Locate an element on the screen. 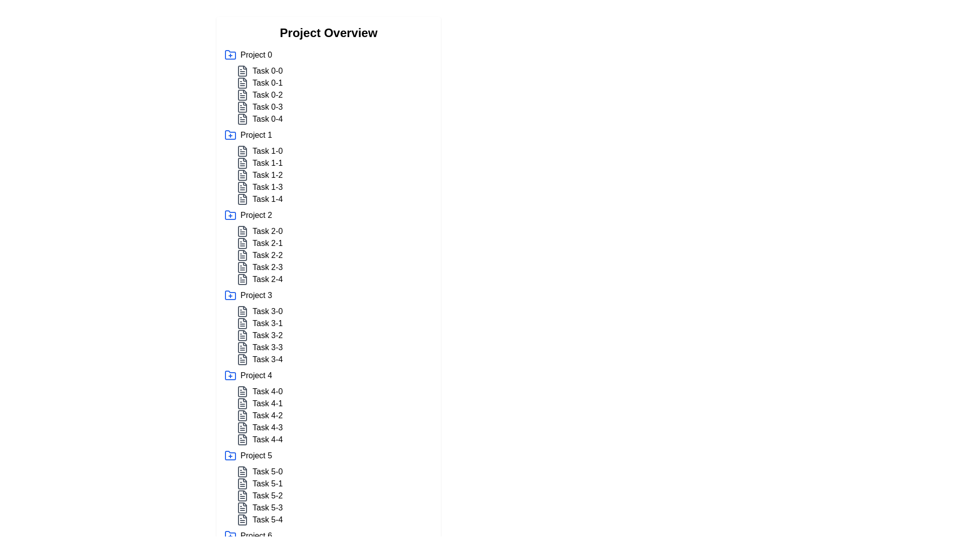 The height and width of the screenshot is (541, 962). the third text label in the list that represents an item under 'Project 0', which likely serves as a navigational or informational aid is located at coordinates (268, 95).